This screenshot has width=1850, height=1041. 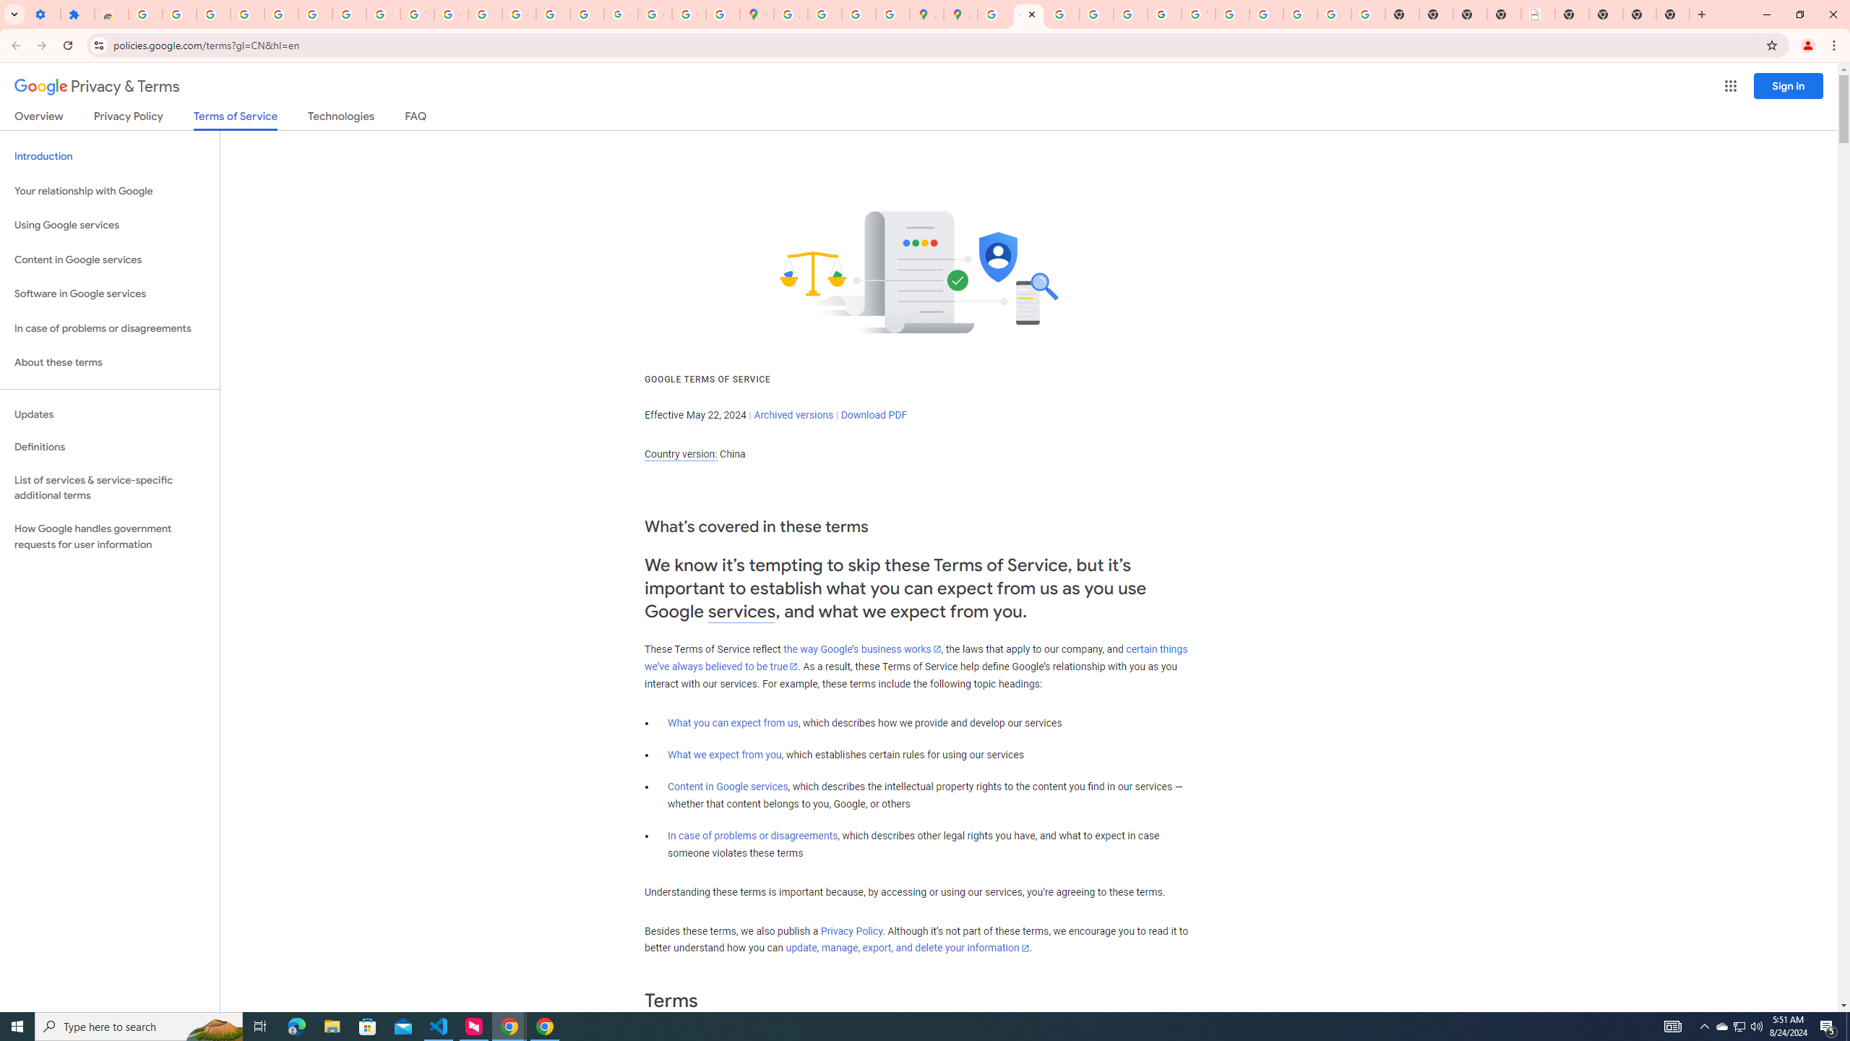 I want to click on 'Definitions', so click(x=109, y=447).